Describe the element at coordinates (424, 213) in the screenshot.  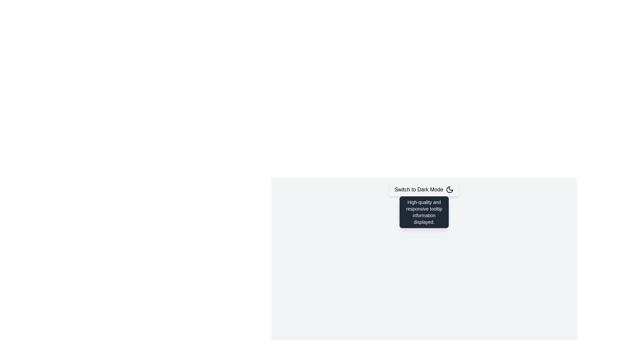
I see `the tooltip with dark background and white text that contains the message 'High-quality and responsive tooltip information displayed.'` at that location.